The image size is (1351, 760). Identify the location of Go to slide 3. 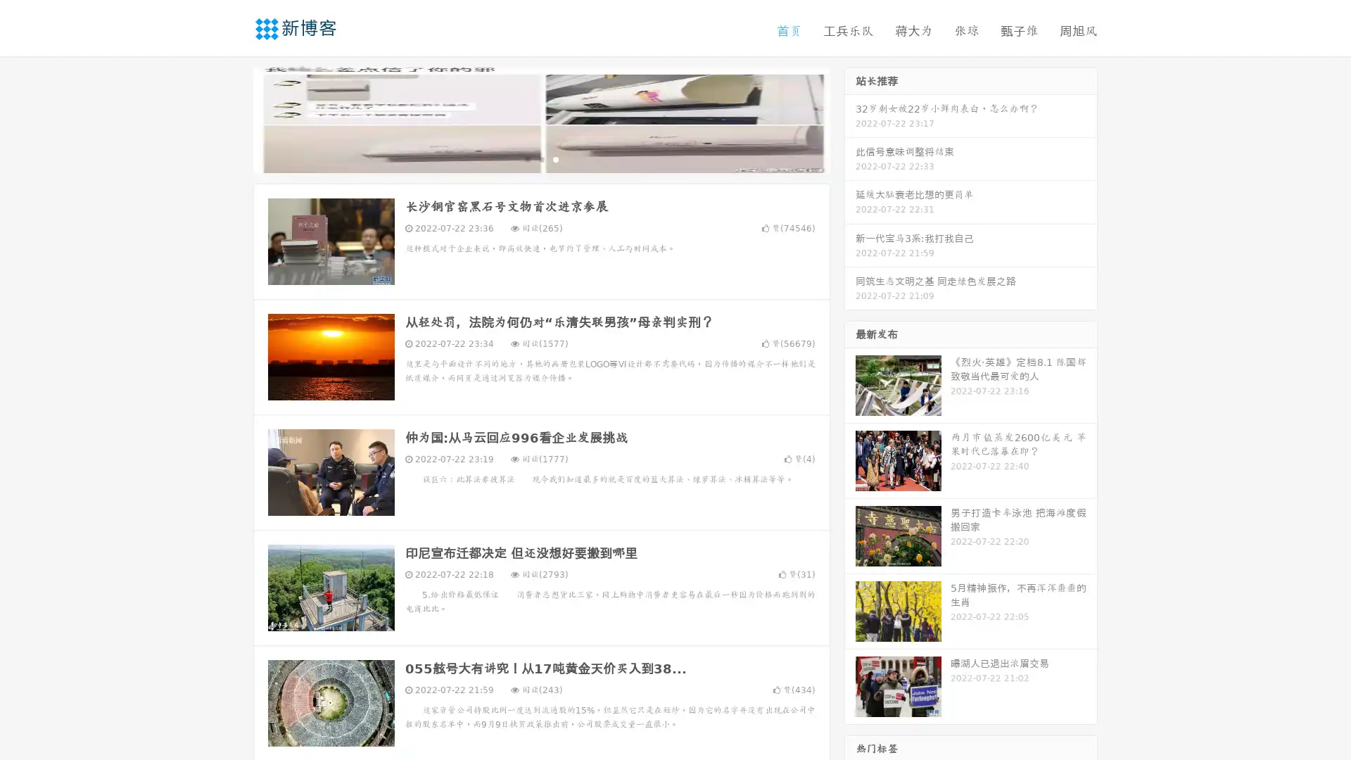
(555, 158).